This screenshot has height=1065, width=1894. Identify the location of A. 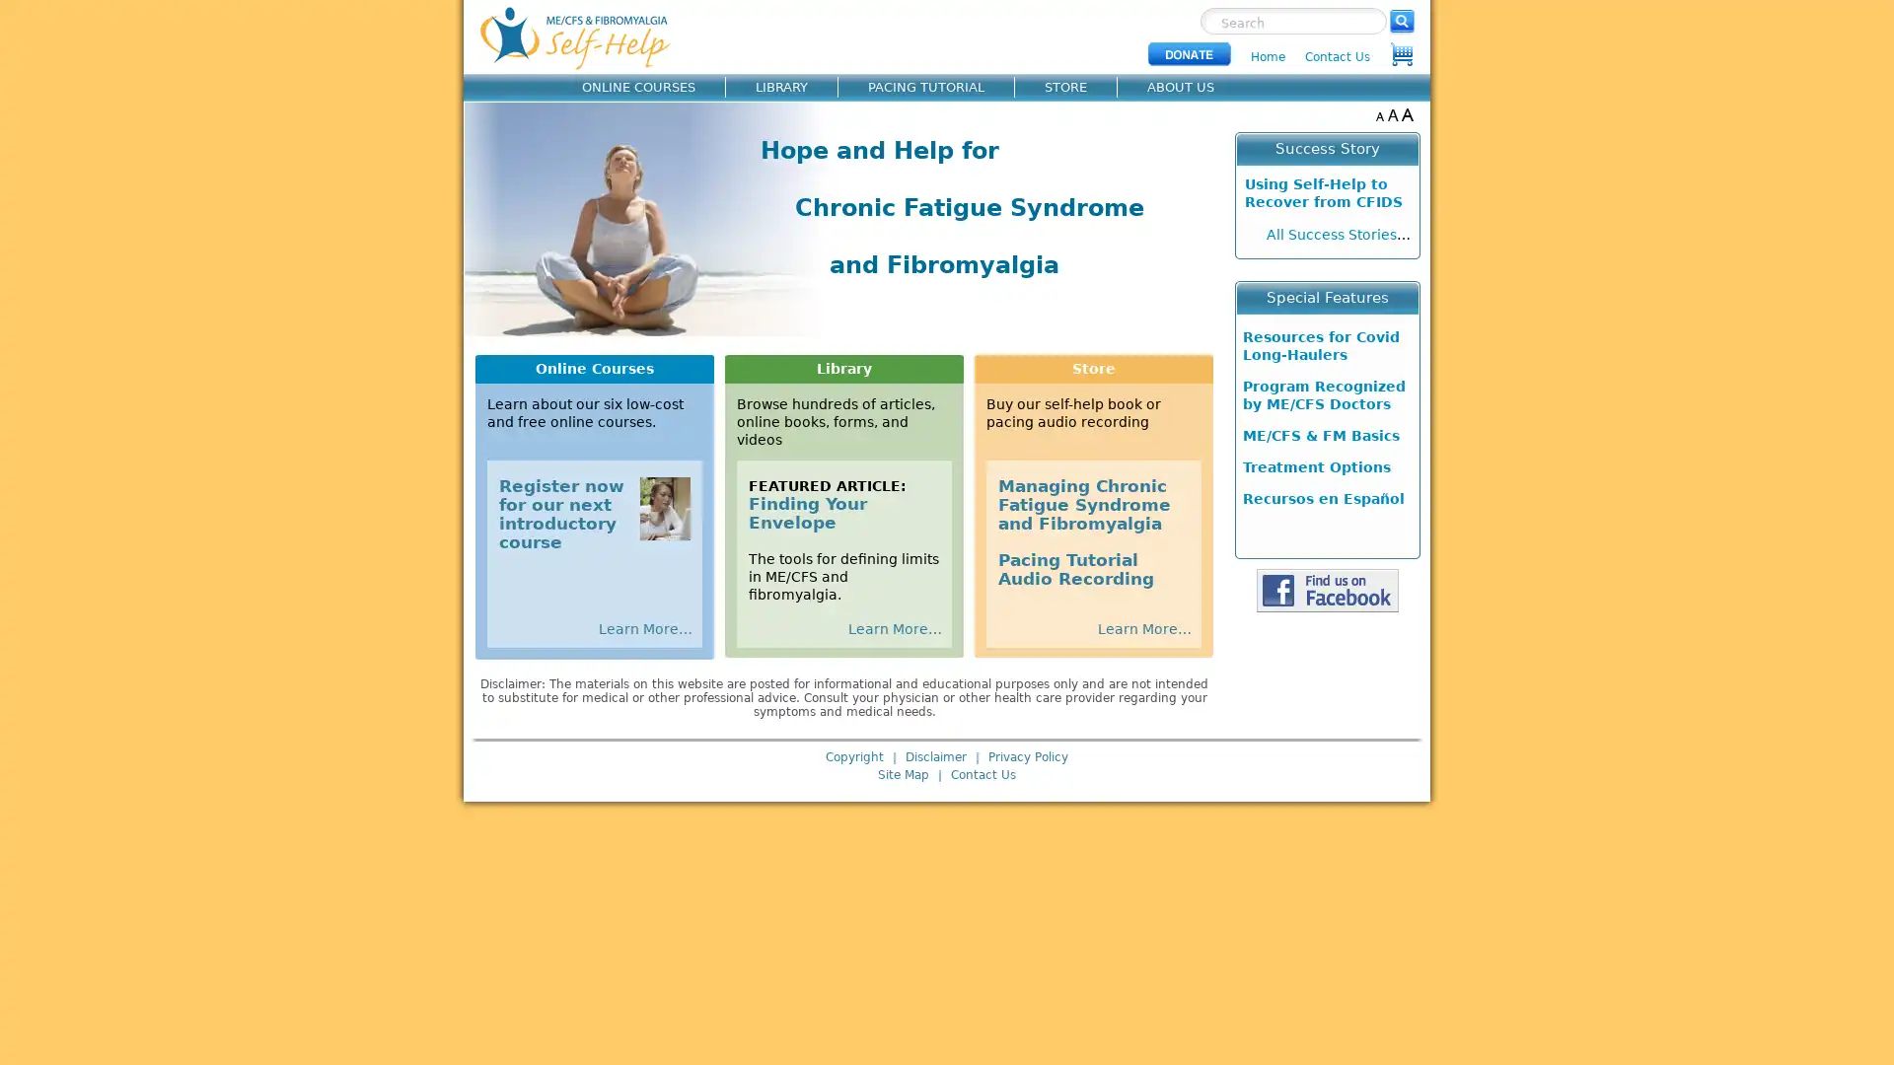
(1378, 114).